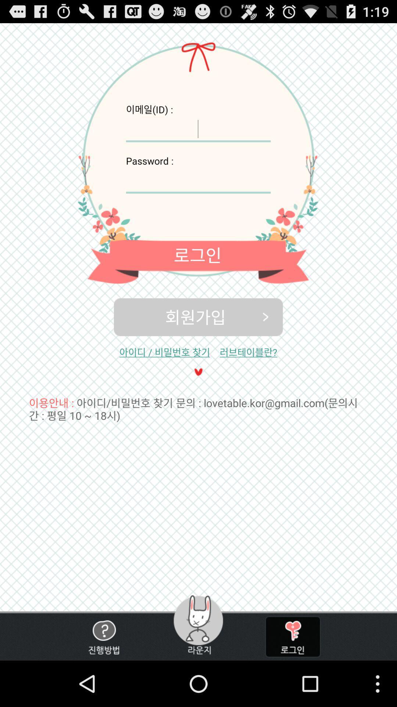 This screenshot has height=707, width=397. I want to click on unlock app, so click(292, 636).